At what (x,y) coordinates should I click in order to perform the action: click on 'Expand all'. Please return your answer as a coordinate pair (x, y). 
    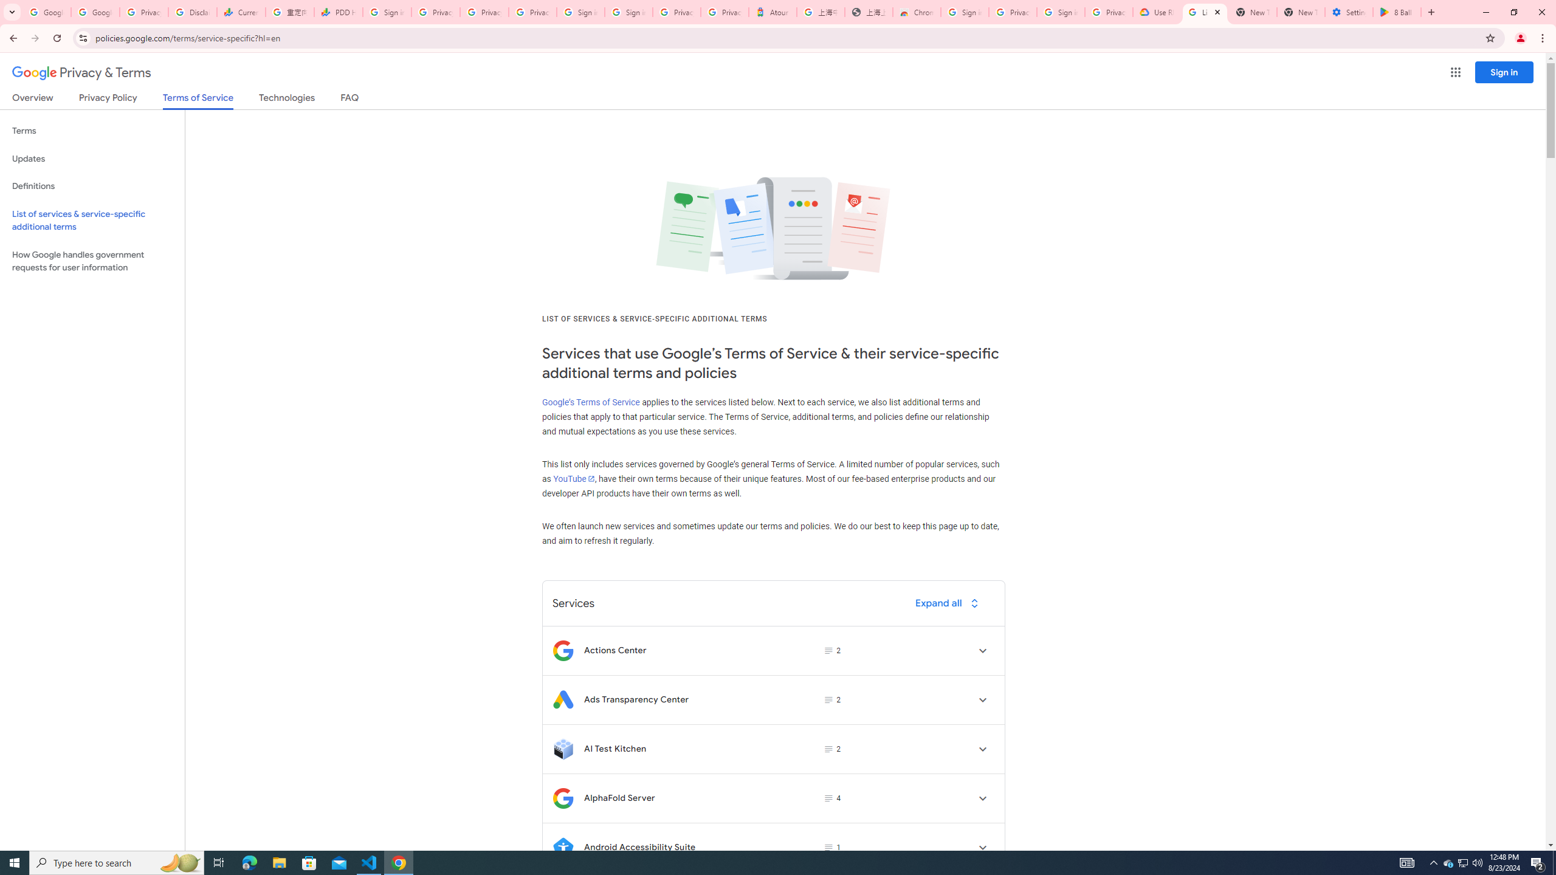
    Looking at the image, I should click on (949, 602).